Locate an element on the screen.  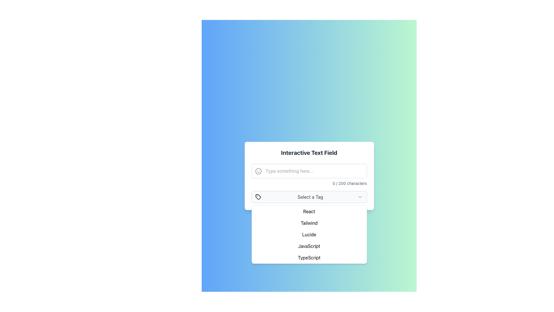
the icon located at the far-right end of the 'Select a Tag' field is located at coordinates (360, 197).